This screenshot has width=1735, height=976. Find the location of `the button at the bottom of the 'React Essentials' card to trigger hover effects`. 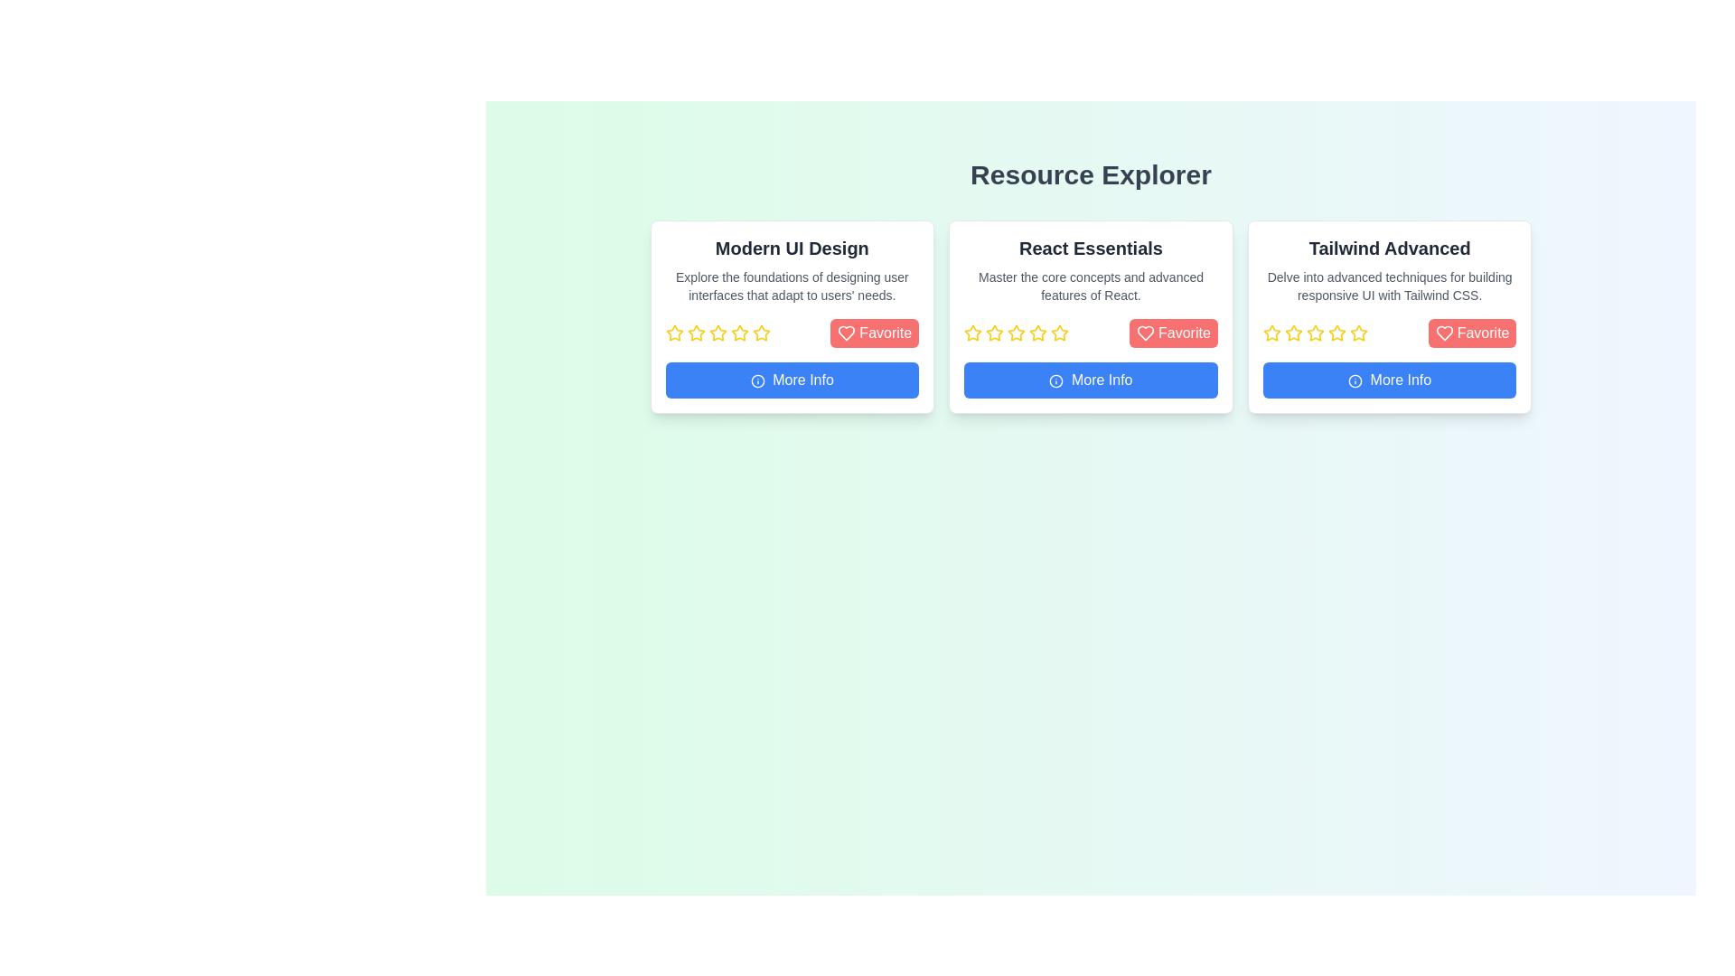

the button at the bottom of the 'React Essentials' card to trigger hover effects is located at coordinates (1090, 379).